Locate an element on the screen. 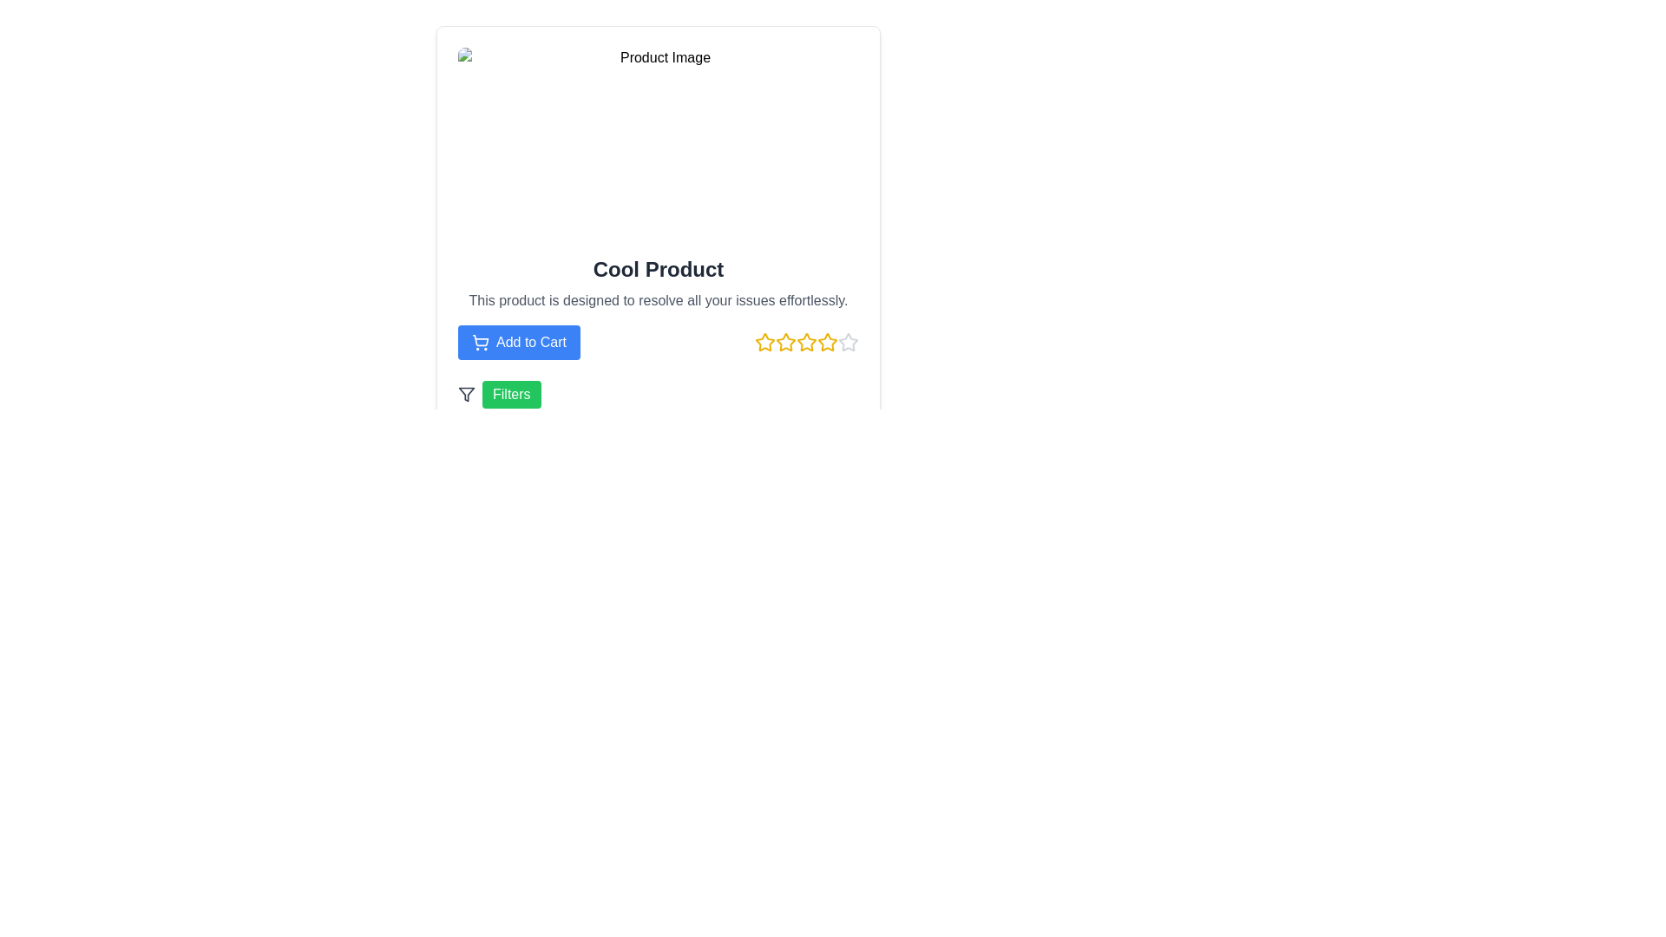 This screenshot has width=1666, height=937. the third star icon in the five-star rating system is located at coordinates (764, 342).